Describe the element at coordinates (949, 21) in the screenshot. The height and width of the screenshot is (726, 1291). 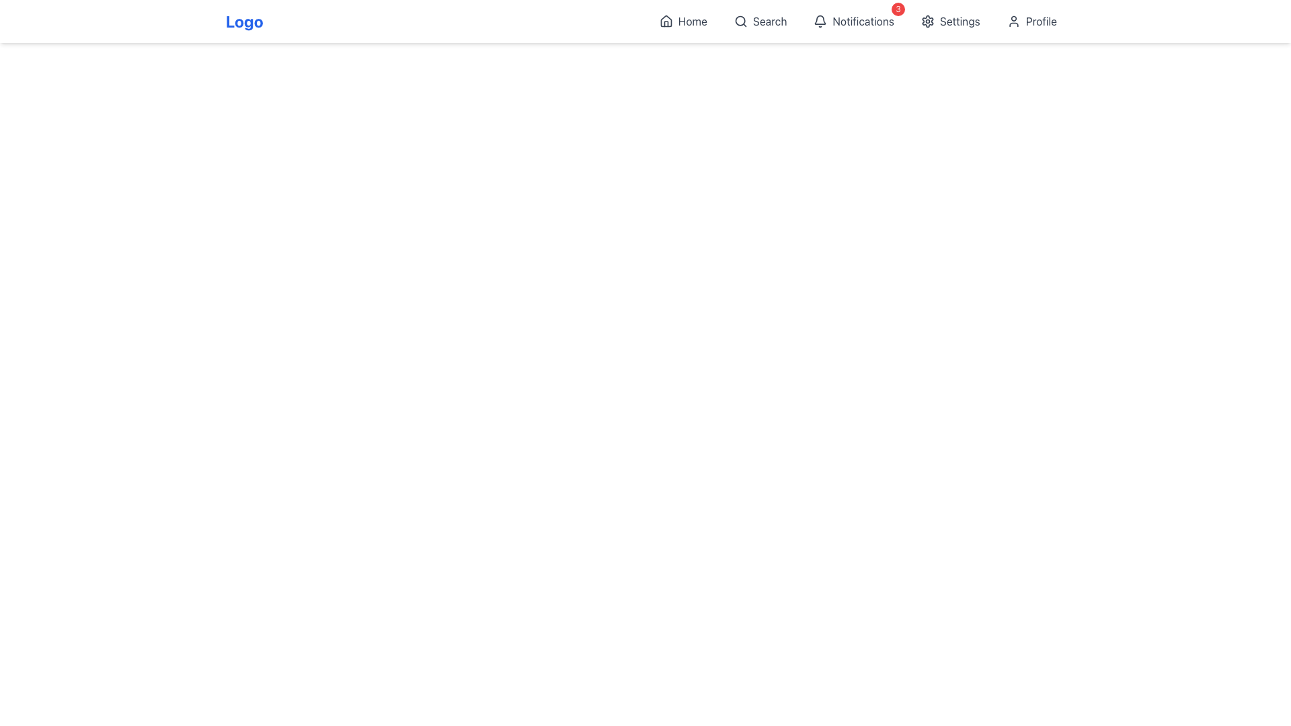
I see `the navigation button for settings, located` at that location.